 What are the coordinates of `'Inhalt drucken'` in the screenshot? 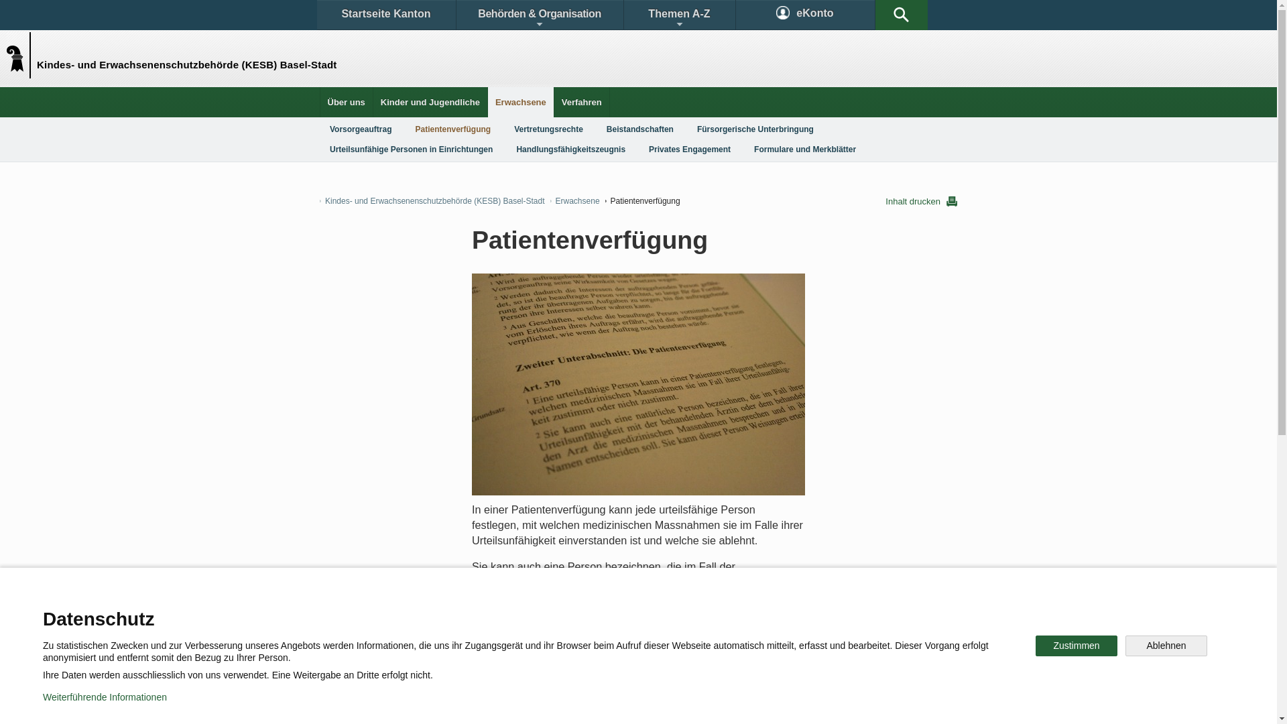 It's located at (920, 201).